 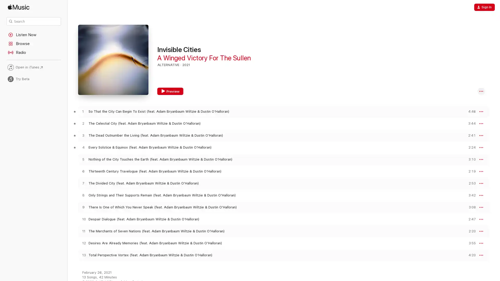 What do you see at coordinates (83, 207) in the screenshot?
I see `Play` at bounding box center [83, 207].